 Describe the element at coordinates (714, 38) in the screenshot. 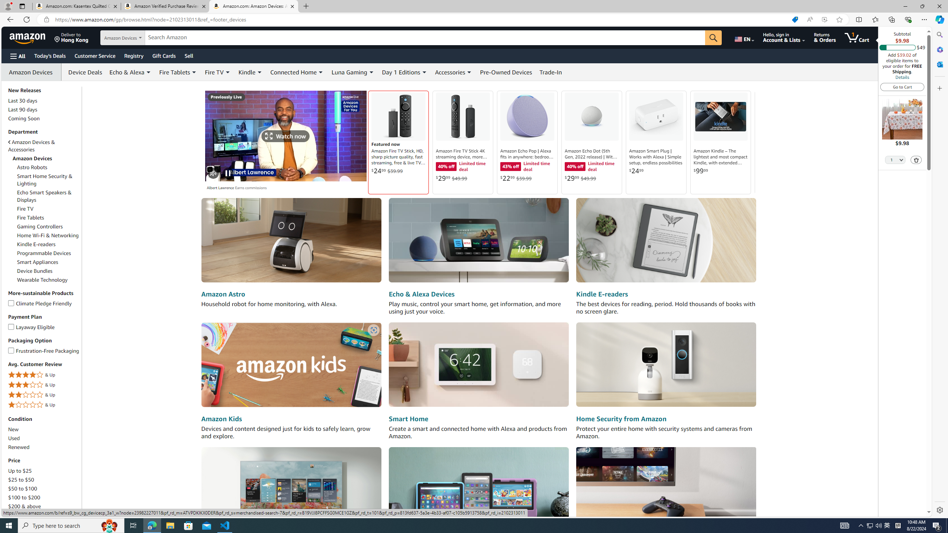

I see `'Go'` at that location.